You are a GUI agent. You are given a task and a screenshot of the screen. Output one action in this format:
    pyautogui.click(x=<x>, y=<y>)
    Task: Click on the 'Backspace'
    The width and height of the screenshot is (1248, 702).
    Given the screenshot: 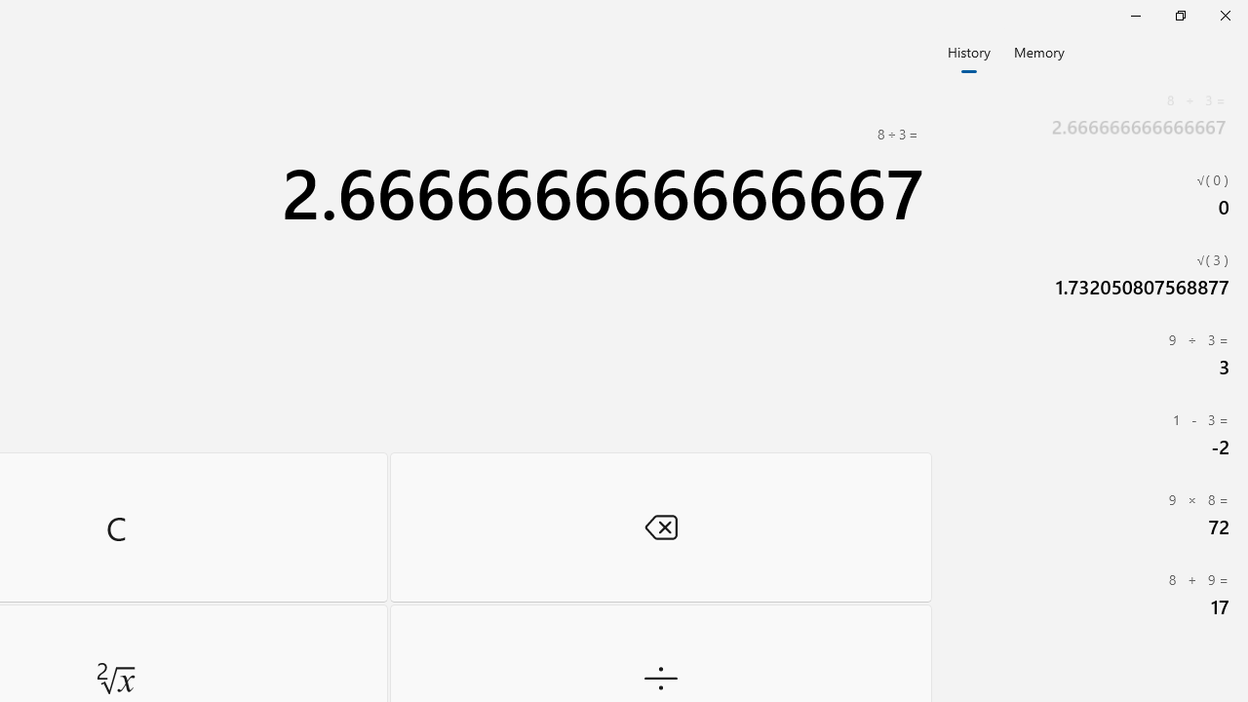 What is the action you would take?
    pyautogui.click(x=660, y=526)
    